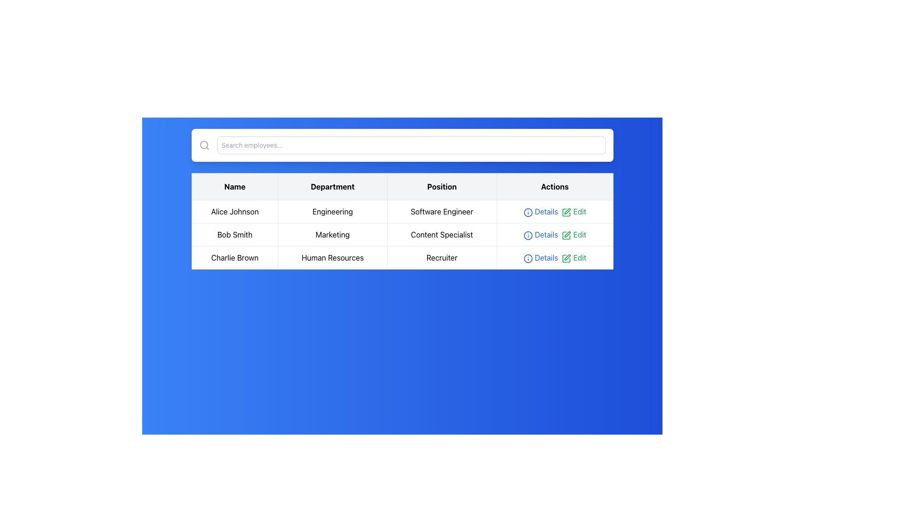 This screenshot has height=508, width=904. Describe the element at coordinates (566, 258) in the screenshot. I see `the 'Edit' SVG icon located in the 'Actions' column of the table for the row corresponding to 'Charlie Brown'` at that location.